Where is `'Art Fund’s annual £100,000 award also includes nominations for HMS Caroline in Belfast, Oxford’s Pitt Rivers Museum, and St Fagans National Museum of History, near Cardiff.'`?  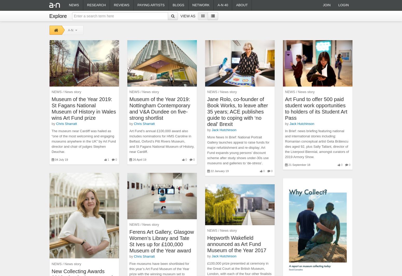 'Art Fund’s annual £100,000 award also includes nominations for HMS Caroline in Belfast, Oxford’s Pitt Rivers Museum, and St Fagans National Museum of History, near Cardiff.' is located at coordinates (129, 141).